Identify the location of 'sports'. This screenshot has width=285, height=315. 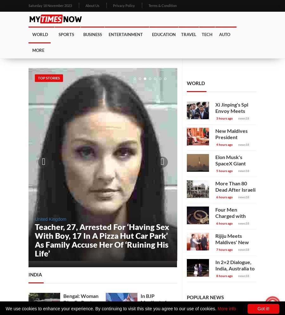
(66, 34).